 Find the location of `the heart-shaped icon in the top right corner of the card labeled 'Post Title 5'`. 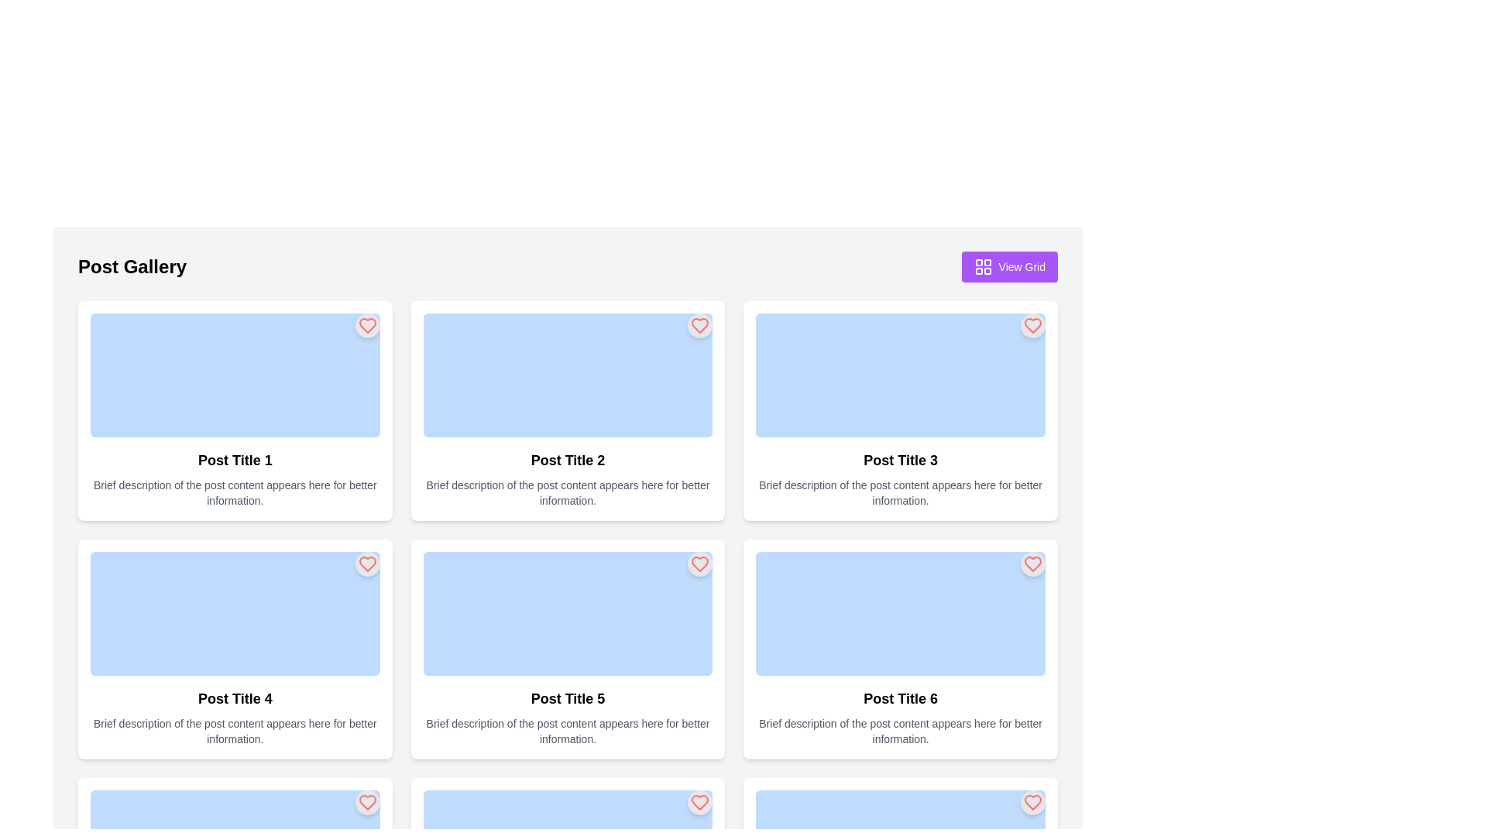

the heart-shaped icon in the top right corner of the card labeled 'Post Title 5' is located at coordinates (699, 564).